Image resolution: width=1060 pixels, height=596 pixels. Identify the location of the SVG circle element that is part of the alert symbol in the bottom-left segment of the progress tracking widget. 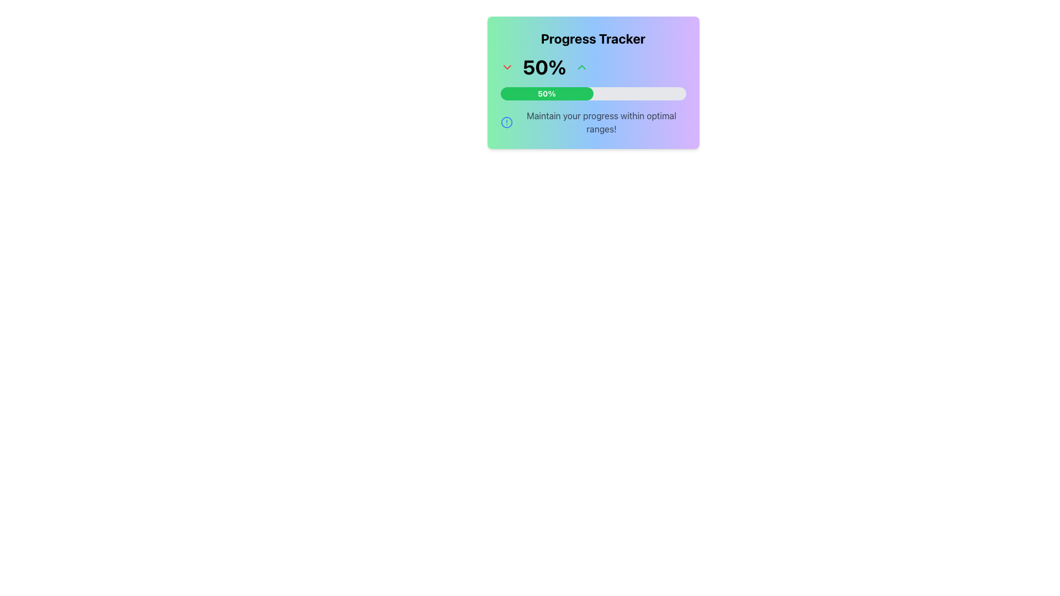
(506, 123).